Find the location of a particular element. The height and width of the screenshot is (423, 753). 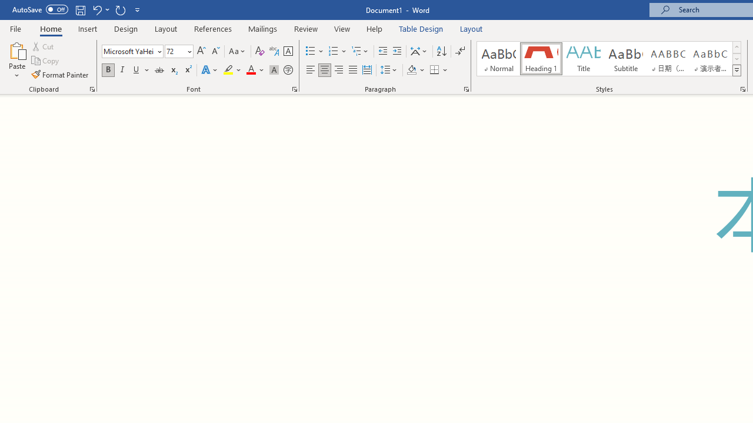

'Font Color Red' is located at coordinates (250, 70).